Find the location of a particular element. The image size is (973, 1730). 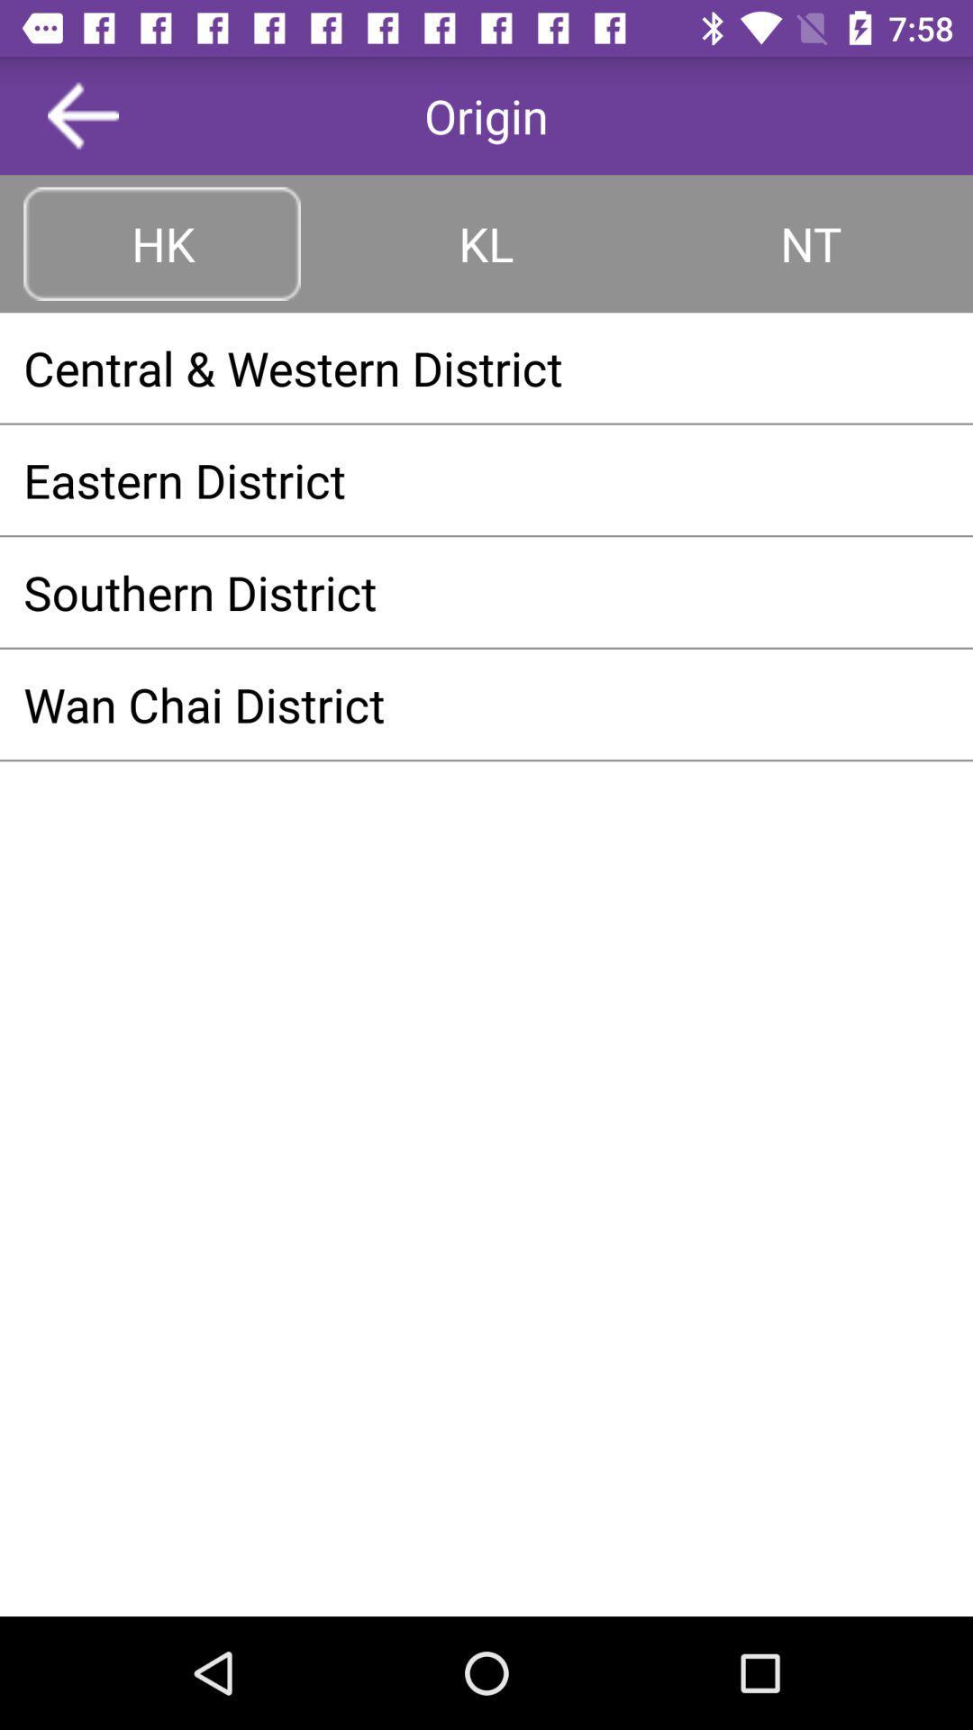

the icon to the left of the origin app is located at coordinates (83, 114).